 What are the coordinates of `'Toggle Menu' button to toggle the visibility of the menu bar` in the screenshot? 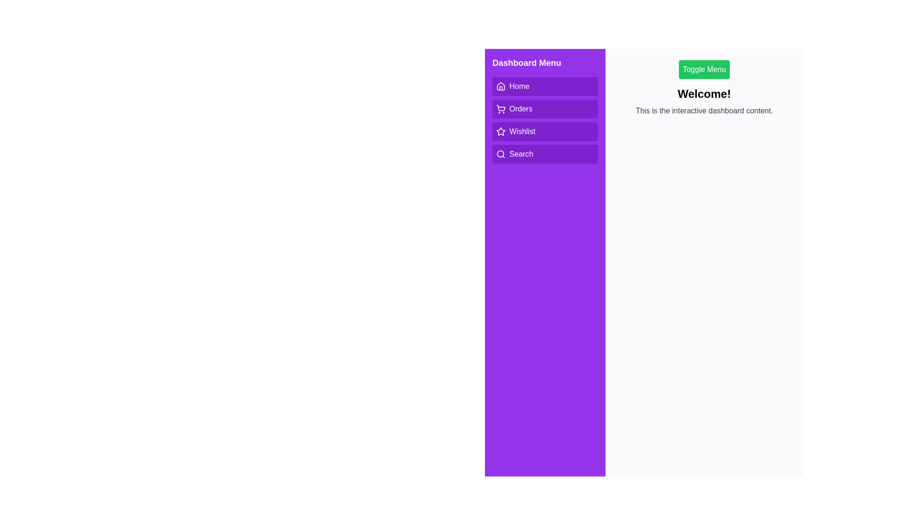 It's located at (704, 69).